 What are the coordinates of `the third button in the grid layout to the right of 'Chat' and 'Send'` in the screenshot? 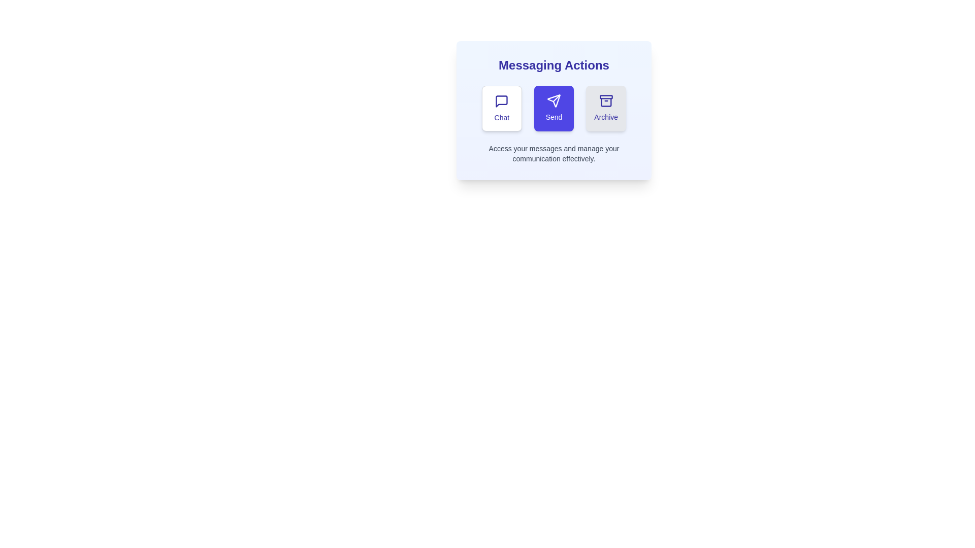 It's located at (606, 108).